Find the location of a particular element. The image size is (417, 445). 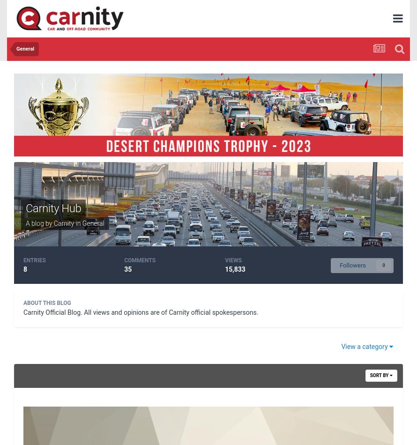

'View a category' is located at coordinates (365, 346).